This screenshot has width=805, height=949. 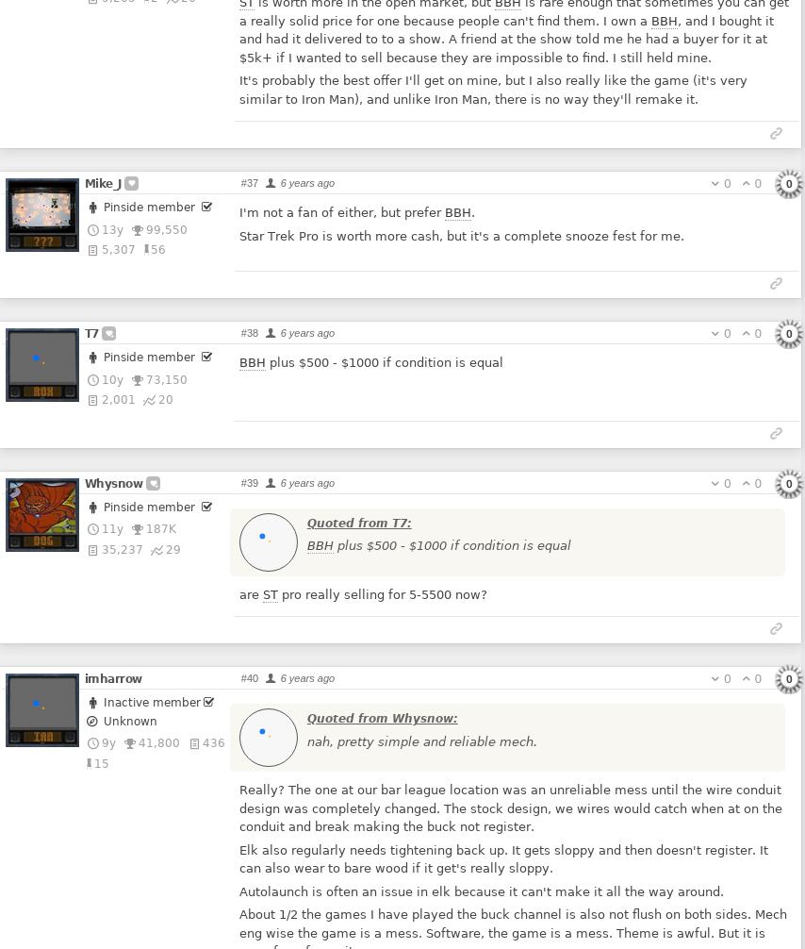 I want to click on 'Quoted from Whysnow:', so click(x=305, y=718).